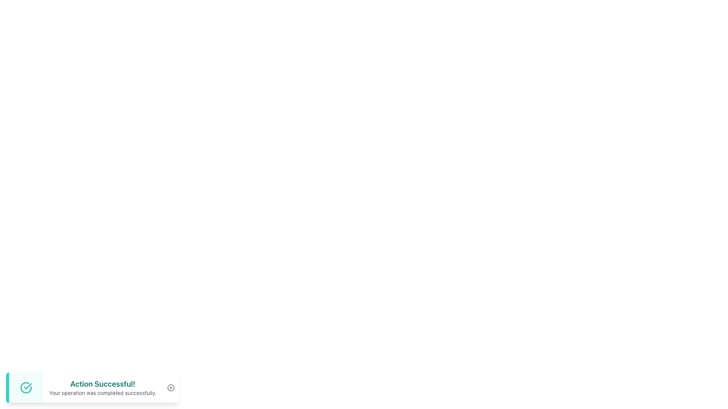  What do you see at coordinates (170, 387) in the screenshot?
I see `the close button located in the bottom-right corner of the 'Action Successful!' notification` at bounding box center [170, 387].